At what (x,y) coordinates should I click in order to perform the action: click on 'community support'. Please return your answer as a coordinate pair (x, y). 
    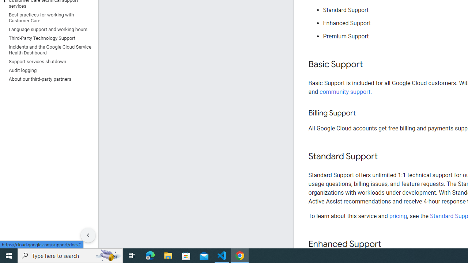
    Looking at the image, I should click on (345, 91).